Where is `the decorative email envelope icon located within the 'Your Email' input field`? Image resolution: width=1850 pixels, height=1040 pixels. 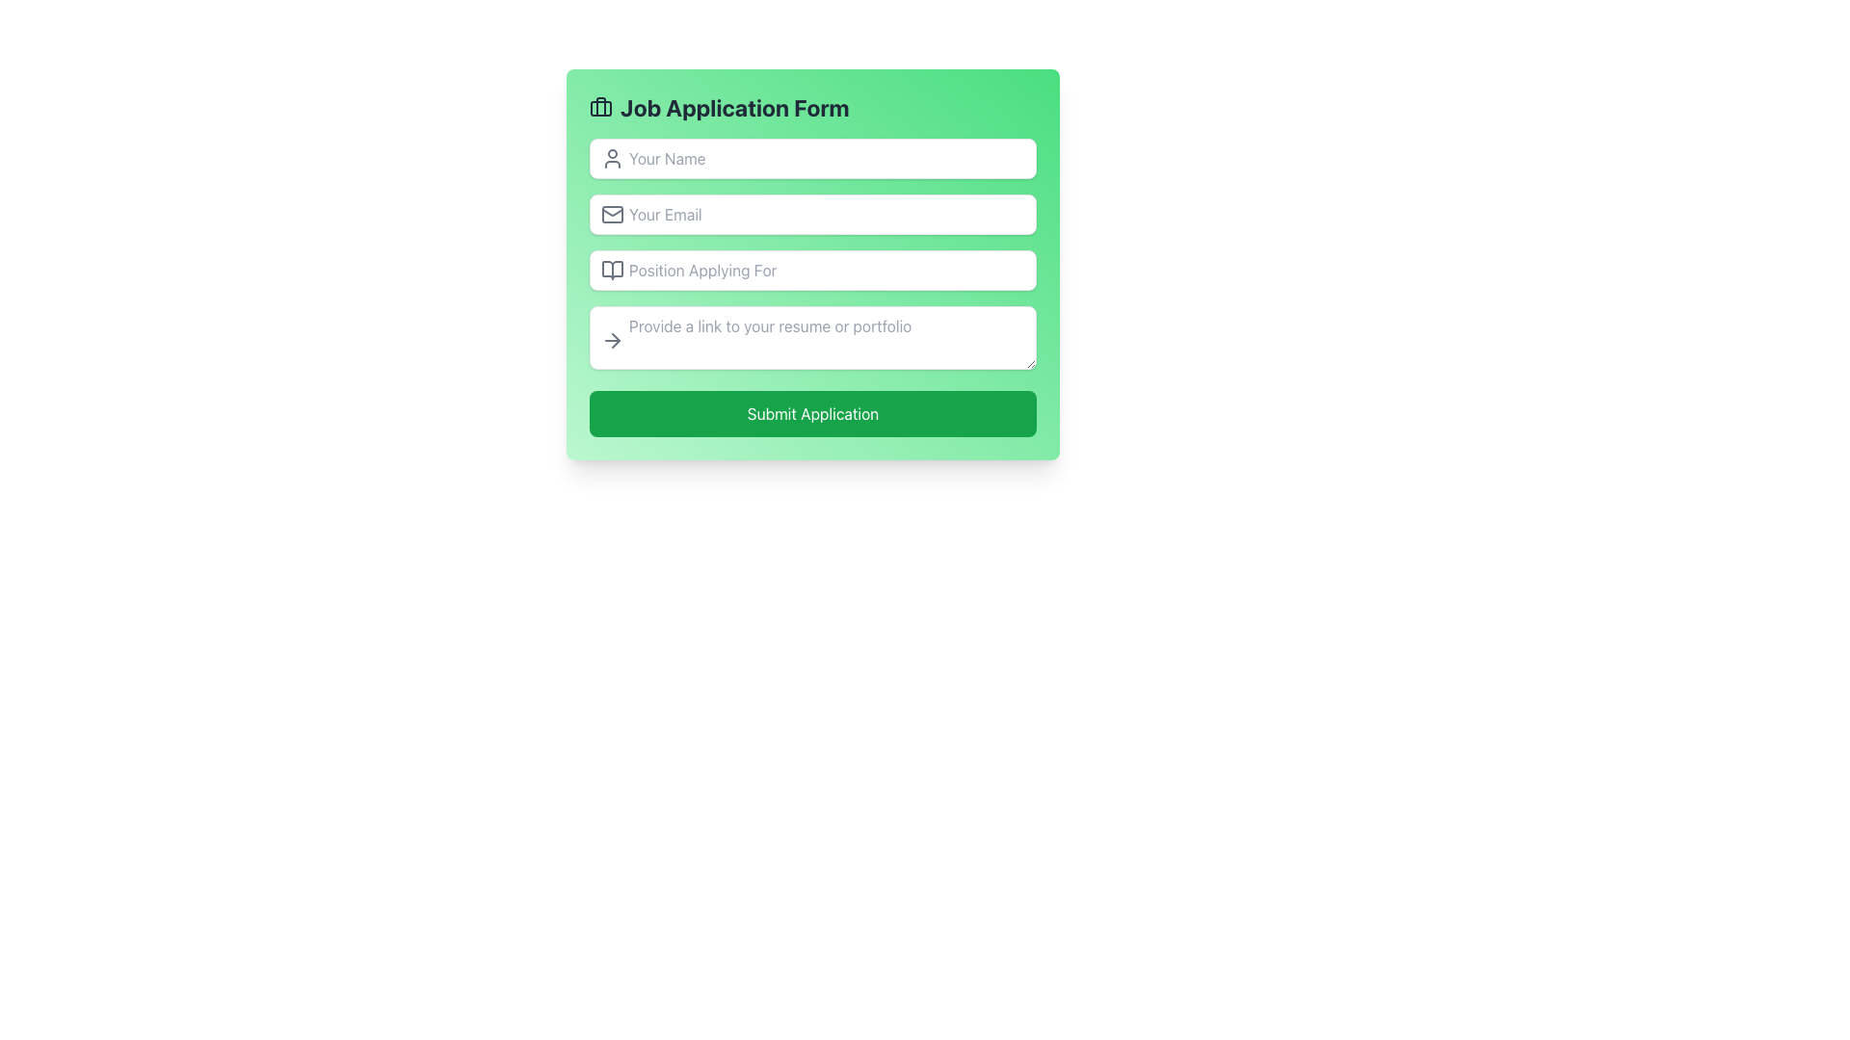 the decorative email envelope icon located within the 'Your Email' input field is located at coordinates (611, 215).